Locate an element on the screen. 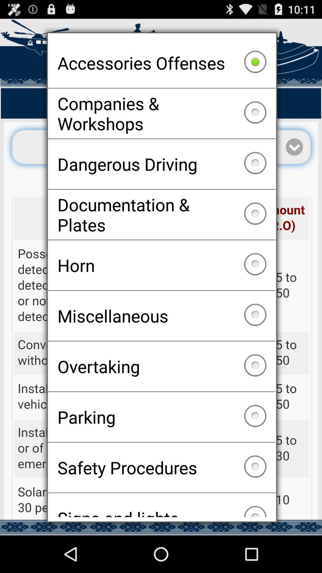 Image resolution: width=322 pixels, height=573 pixels. the miscellaneous is located at coordinates (162, 315).